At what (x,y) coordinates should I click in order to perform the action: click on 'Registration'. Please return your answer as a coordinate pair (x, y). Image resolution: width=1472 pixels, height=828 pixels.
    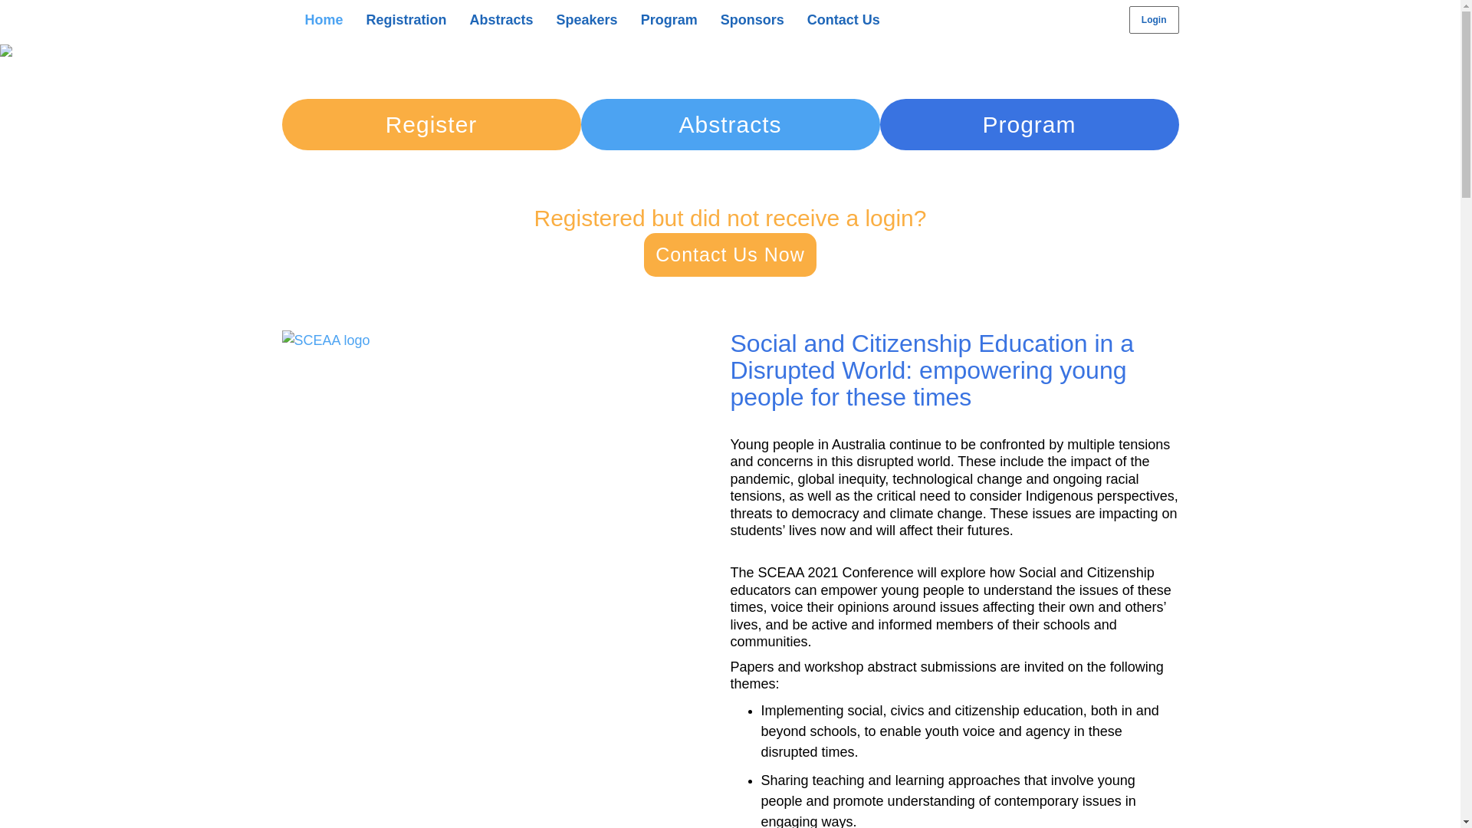
    Looking at the image, I should click on (406, 20).